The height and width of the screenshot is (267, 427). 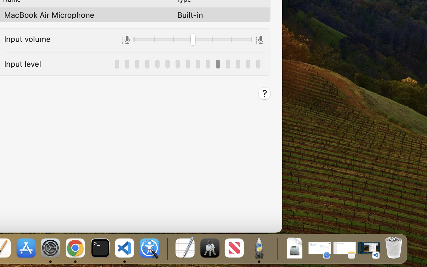 What do you see at coordinates (27, 38) in the screenshot?
I see `'Input volume'` at bounding box center [27, 38].